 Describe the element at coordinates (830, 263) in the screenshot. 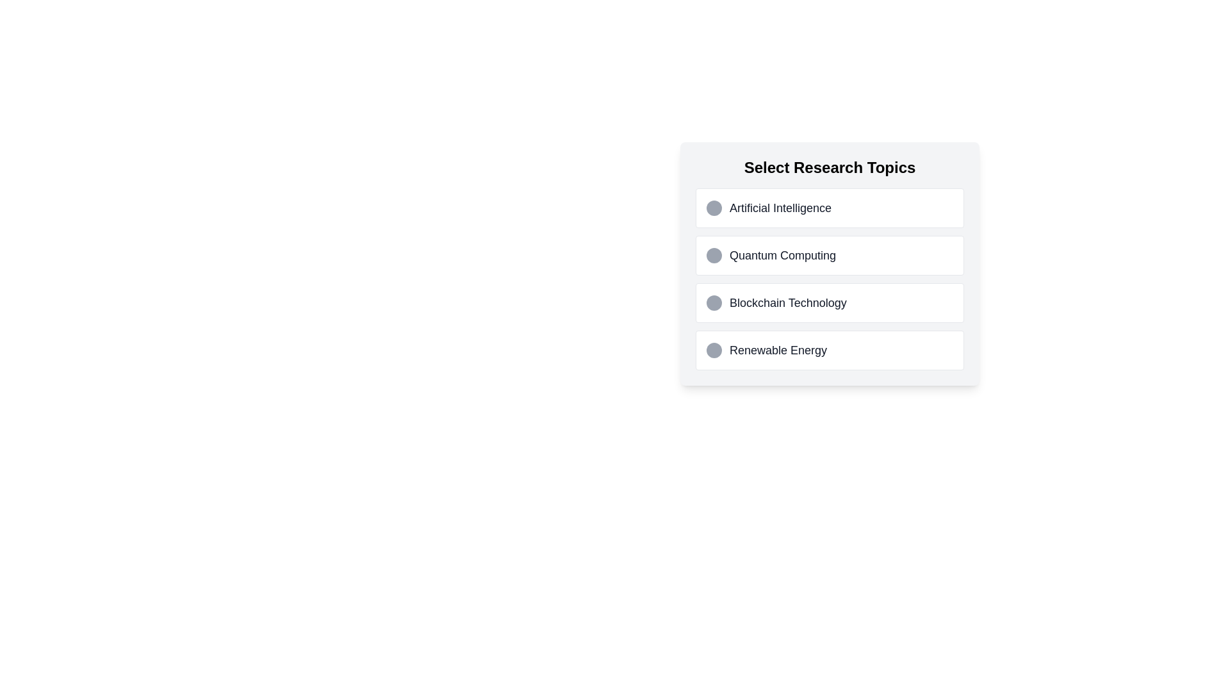

I see `the selectable list item labeled 'Quantum Computing'` at that location.